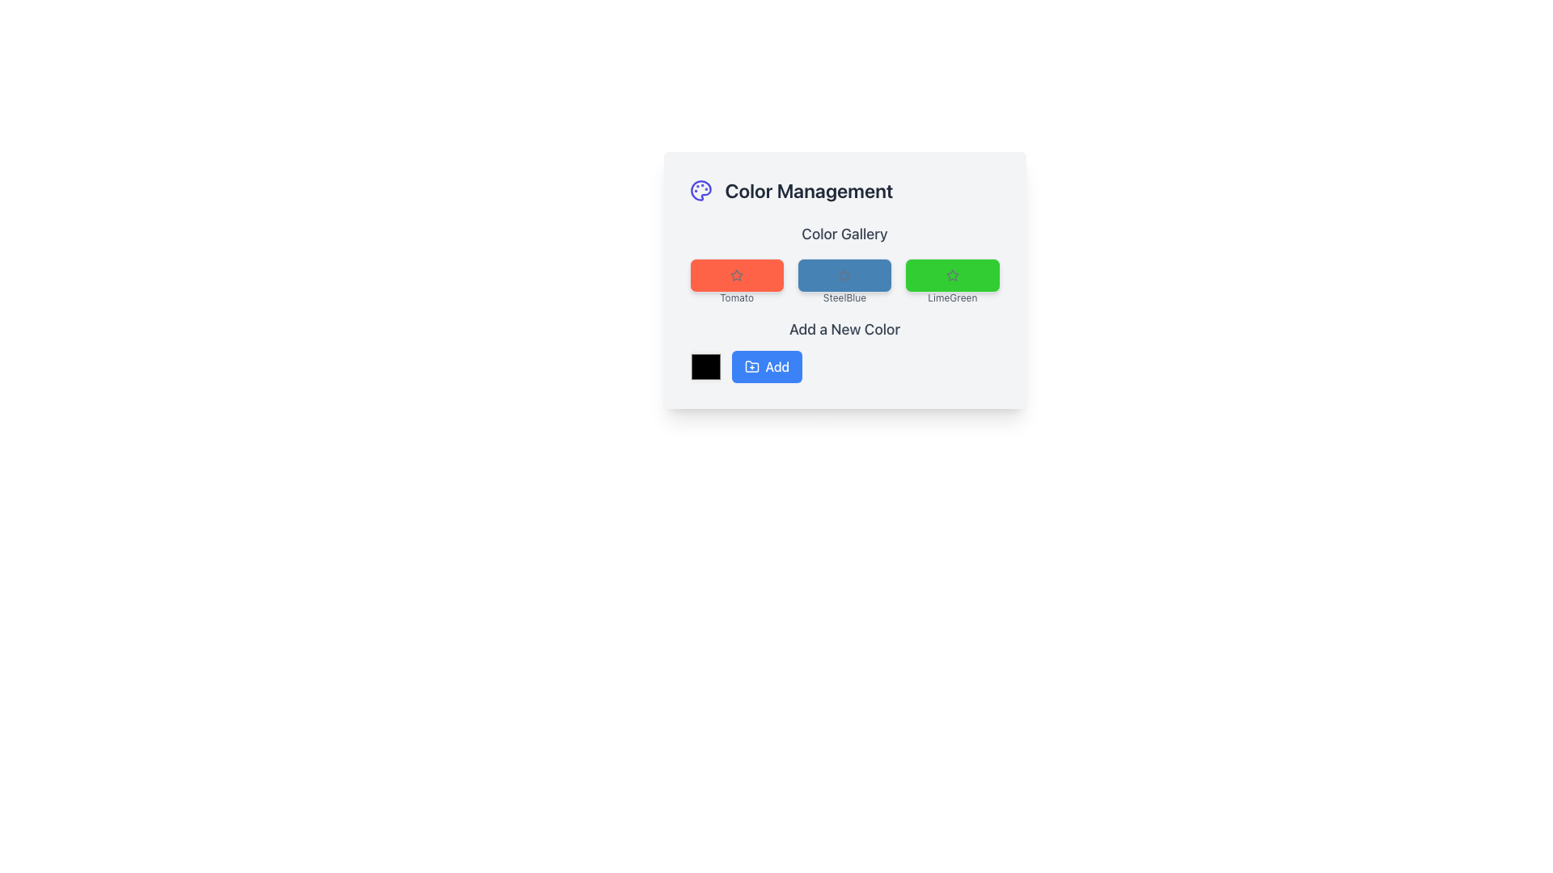 This screenshot has width=1553, height=873. What do you see at coordinates (952, 298) in the screenshot?
I see `text label located directly underneath the green rectangle in the 'Color Gallery' section, which indicates the name or description associated with it` at bounding box center [952, 298].